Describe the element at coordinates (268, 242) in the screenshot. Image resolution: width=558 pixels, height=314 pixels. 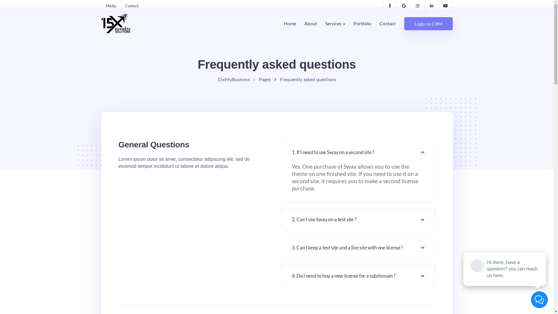
I see `'Terms and Conditions'` at that location.